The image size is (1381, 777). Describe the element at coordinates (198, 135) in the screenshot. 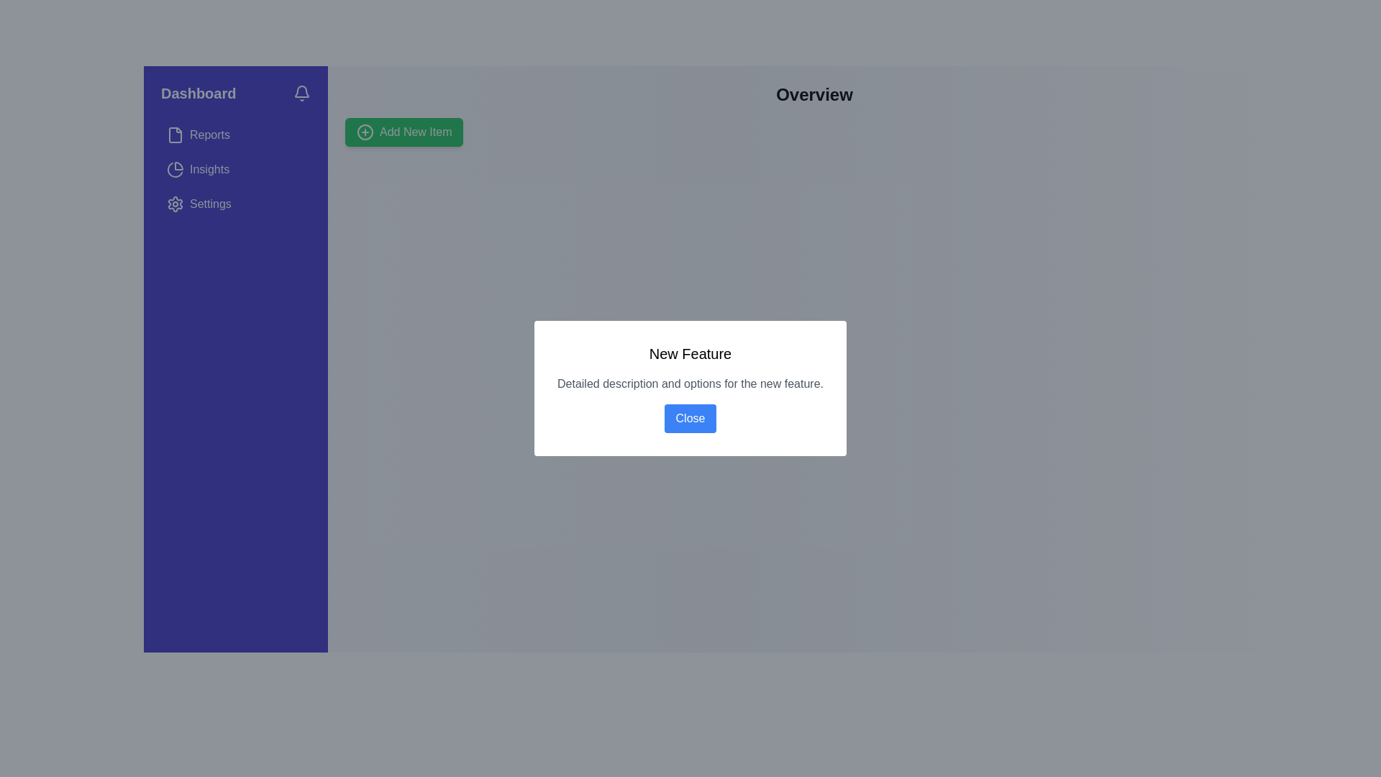

I see `the first item in the vertical navigation menu on the left` at that location.